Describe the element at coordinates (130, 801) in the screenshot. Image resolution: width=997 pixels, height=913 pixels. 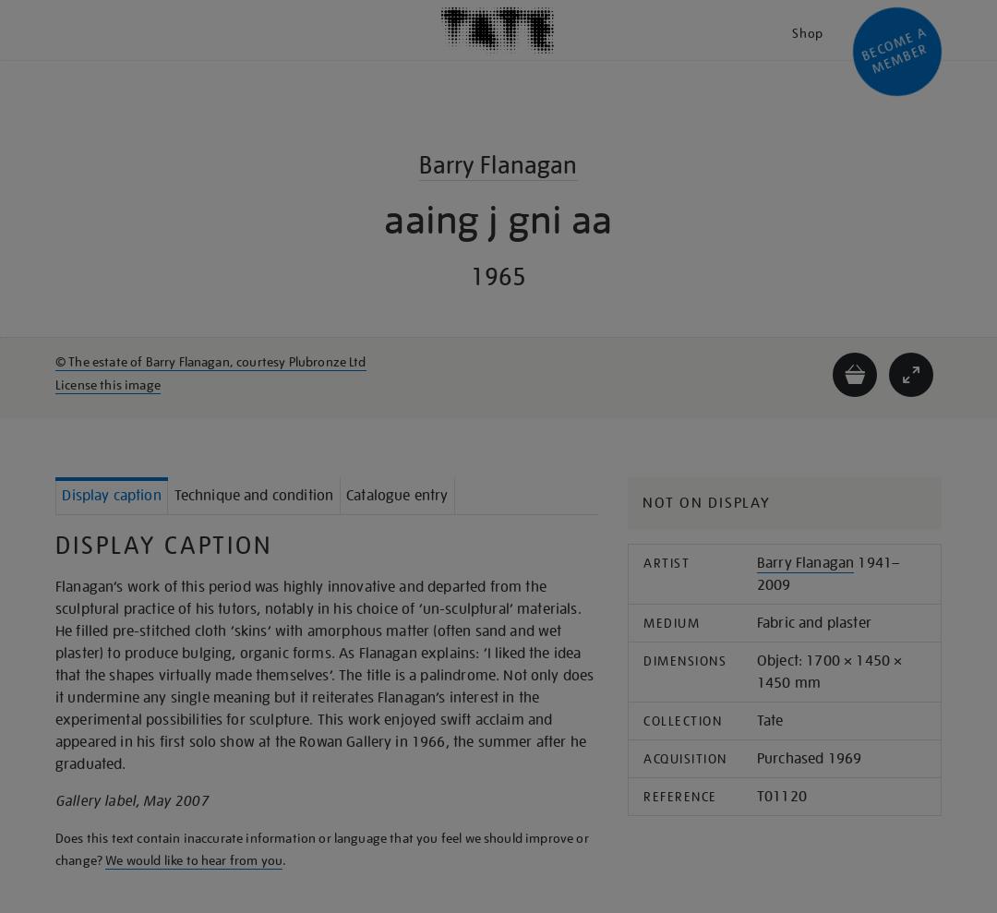
I see `'Gallery label, May 2007'` at that location.